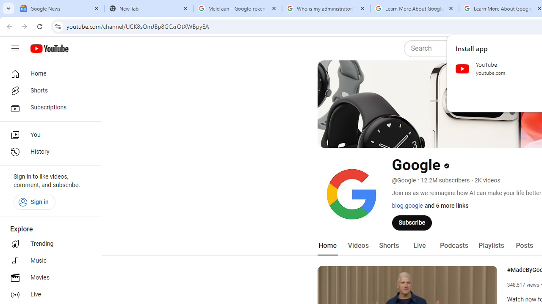  Describe the element at coordinates (491, 245) in the screenshot. I see `'Playlists'` at that location.